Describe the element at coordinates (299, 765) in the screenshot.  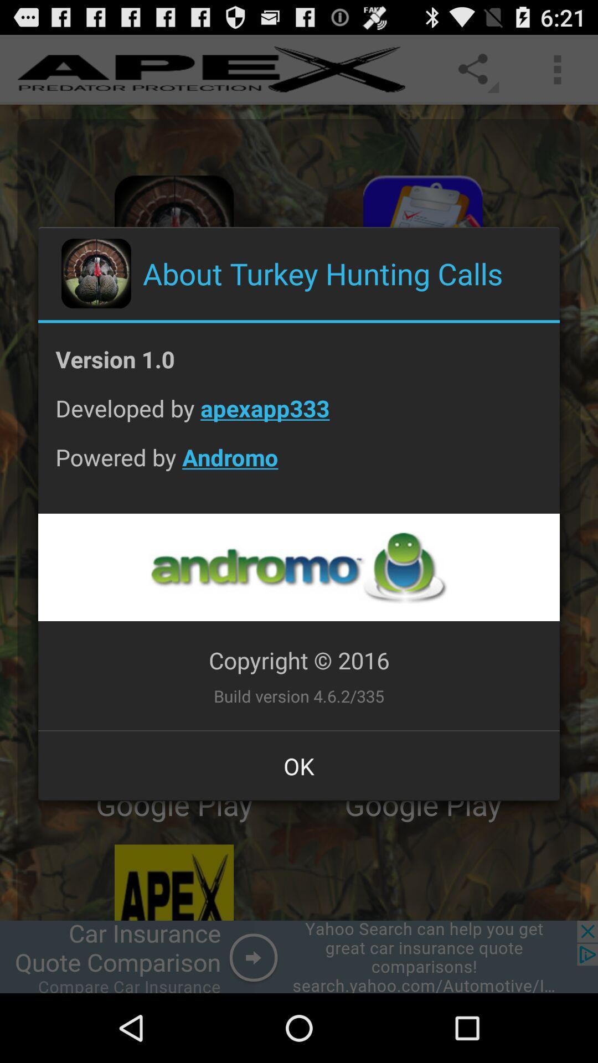
I see `the ok` at that location.